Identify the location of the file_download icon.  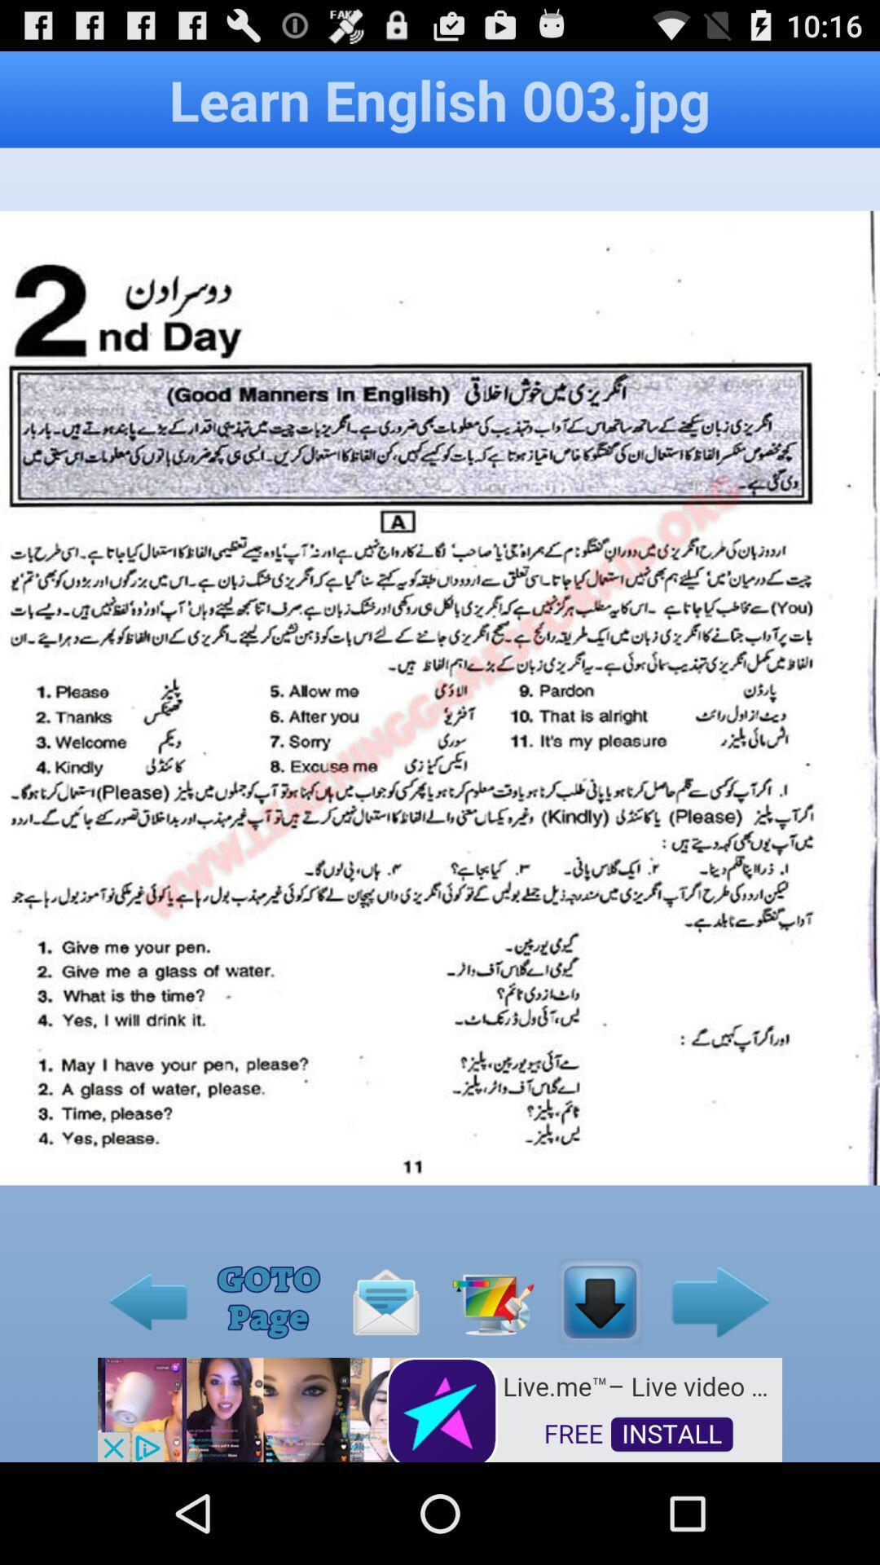
(610, 1392).